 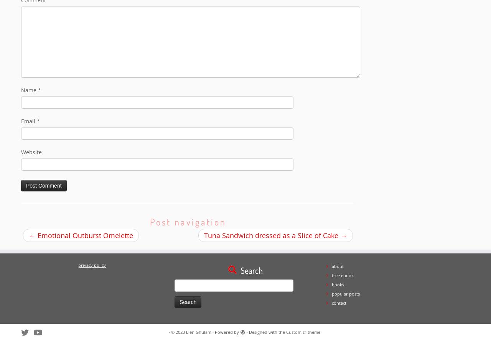 I want to click on 'Website', so click(x=31, y=152).